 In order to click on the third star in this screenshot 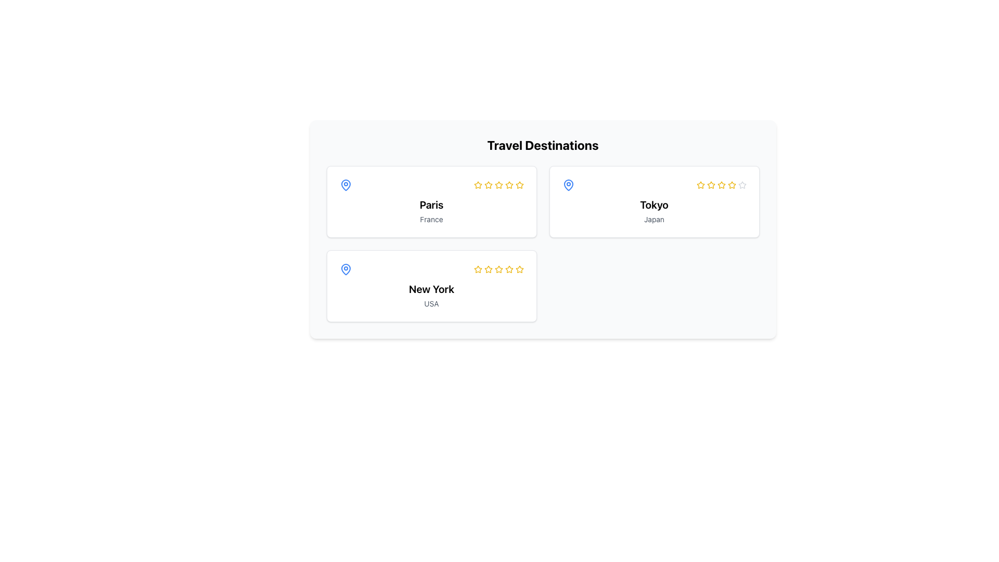, I will do `click(498, 184)`.